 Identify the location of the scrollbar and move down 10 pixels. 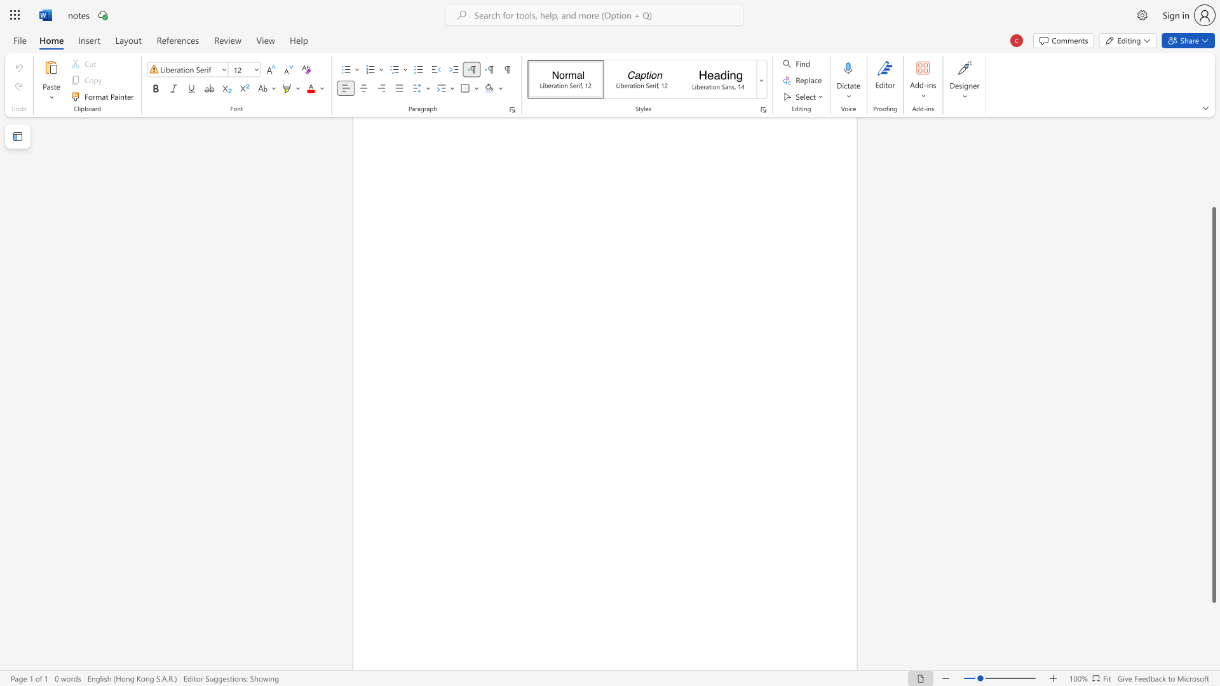
(1213, 405).